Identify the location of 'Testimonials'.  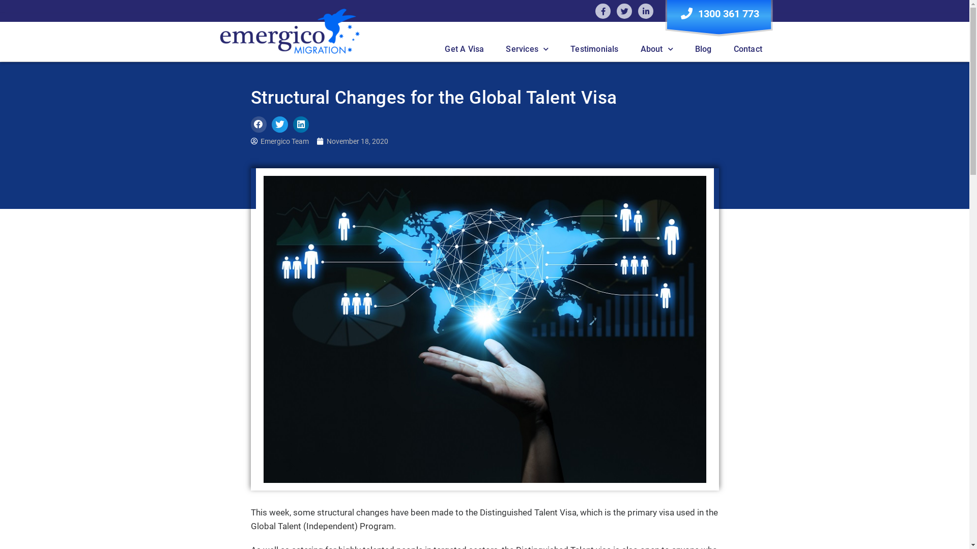
(594, 49).